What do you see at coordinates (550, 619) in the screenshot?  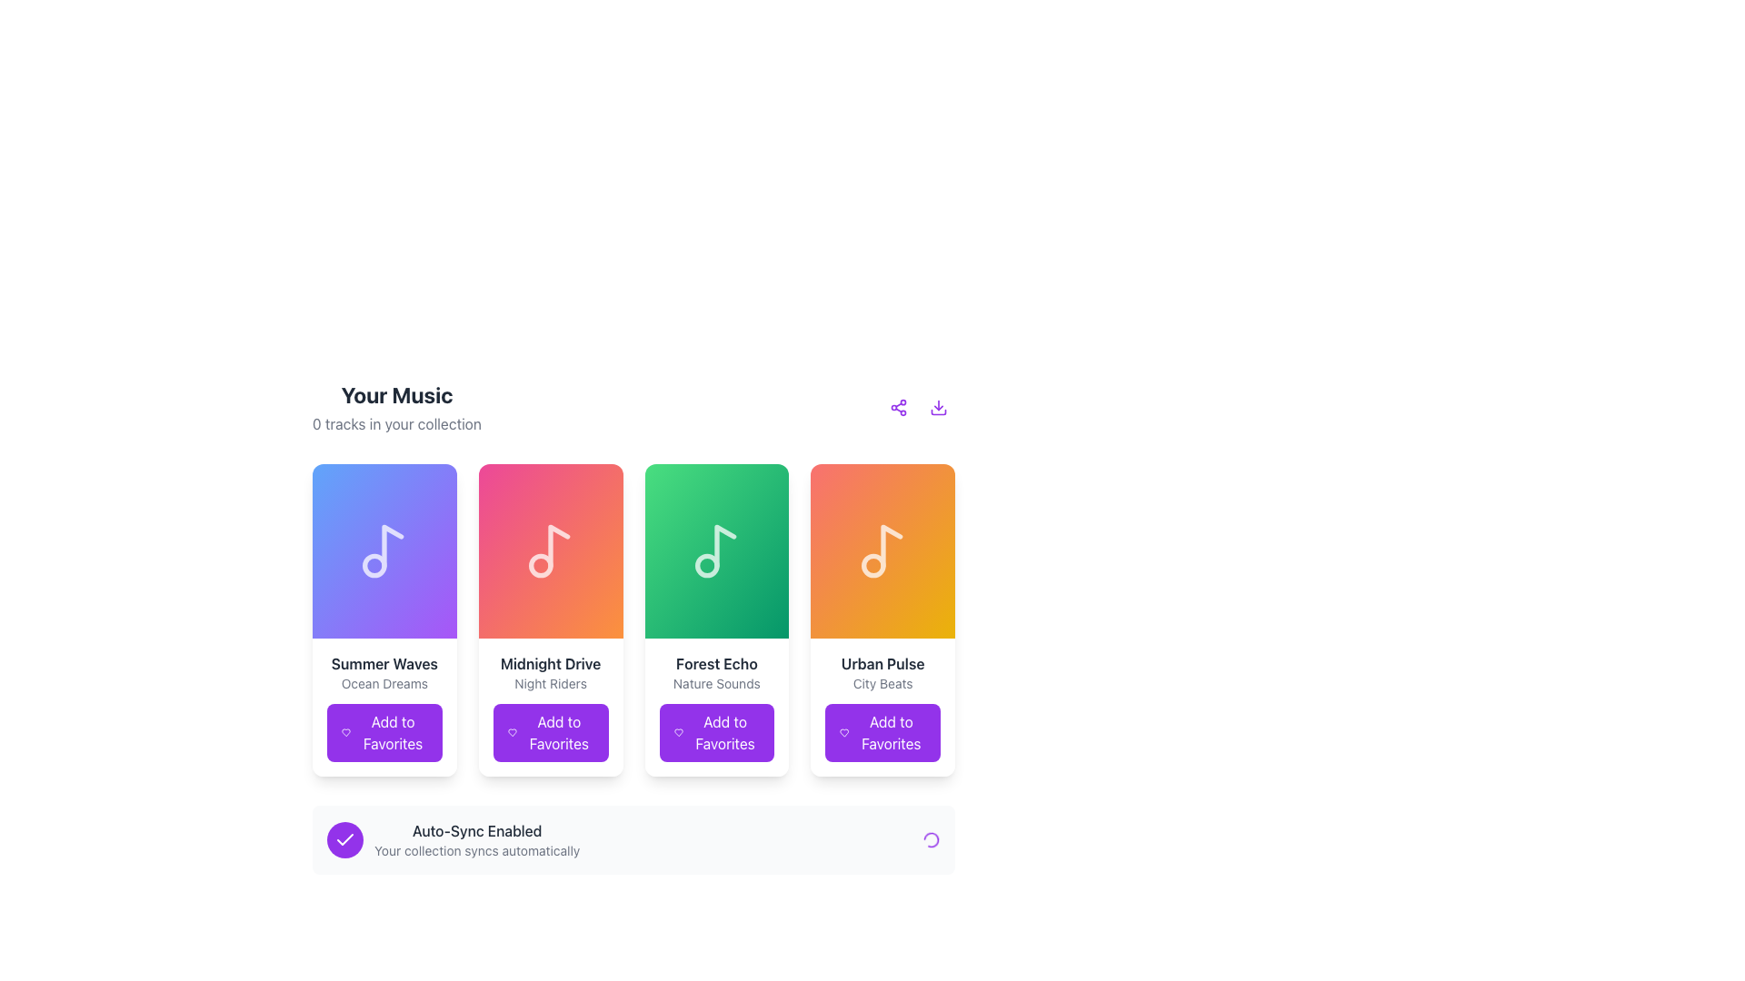 I see `the second card component in the music track grid` at bounding box center [550, 619].